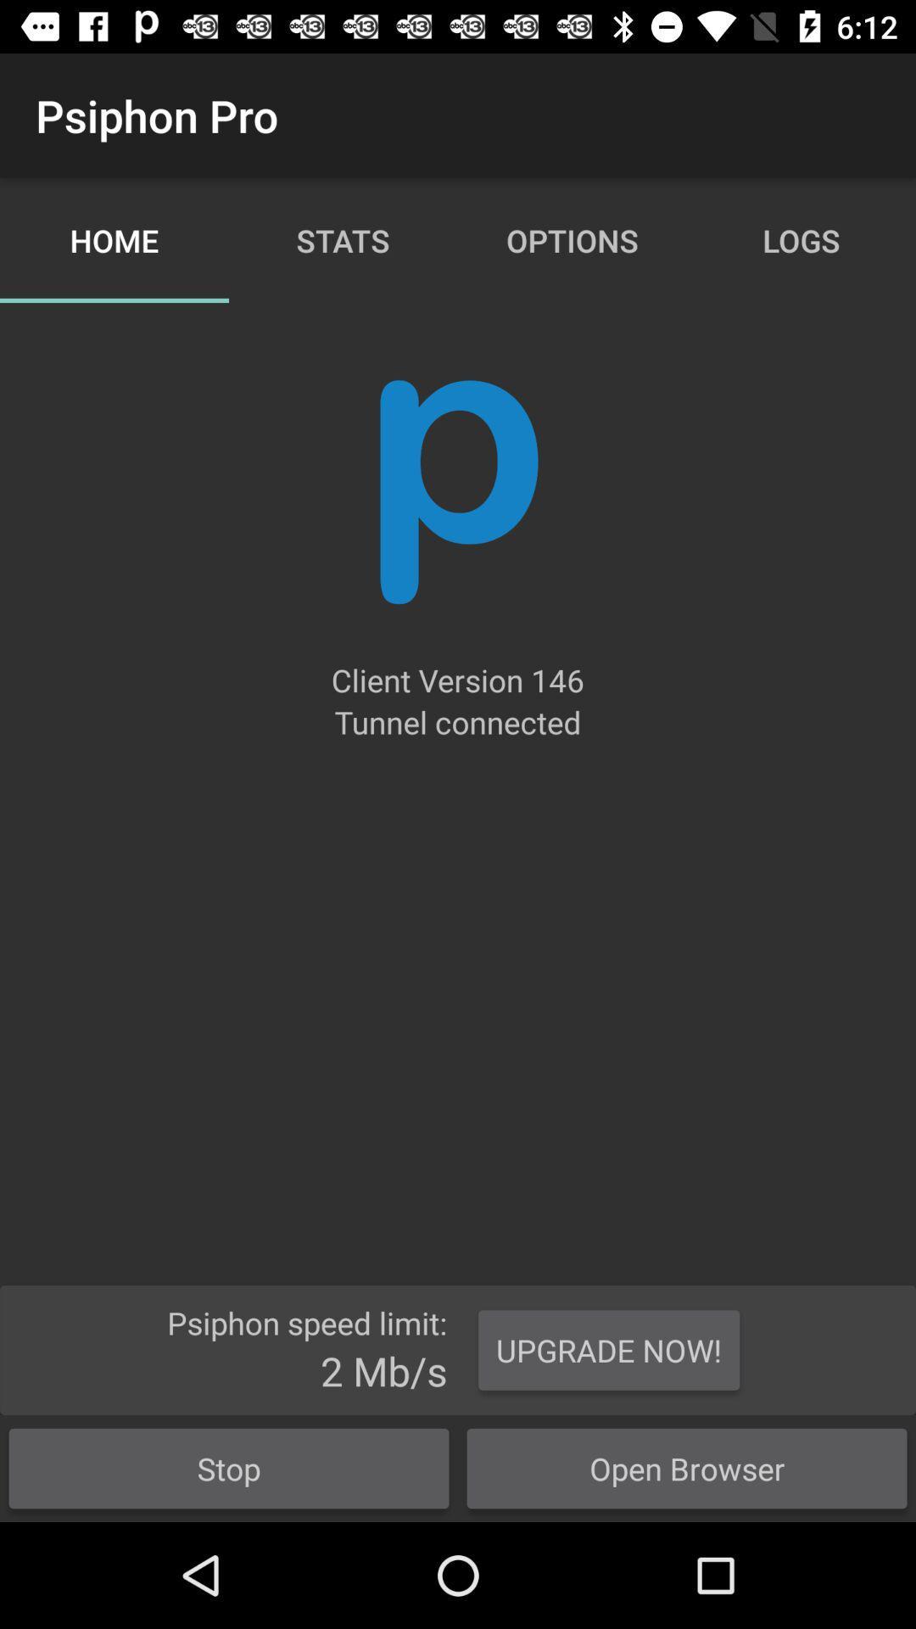 Image resolution: width=916 pixels, height=1629 pixels. What do you see at coordinates (229, 1468) in the screenshot?
I see `stop` at bounding box center [229, 1468].